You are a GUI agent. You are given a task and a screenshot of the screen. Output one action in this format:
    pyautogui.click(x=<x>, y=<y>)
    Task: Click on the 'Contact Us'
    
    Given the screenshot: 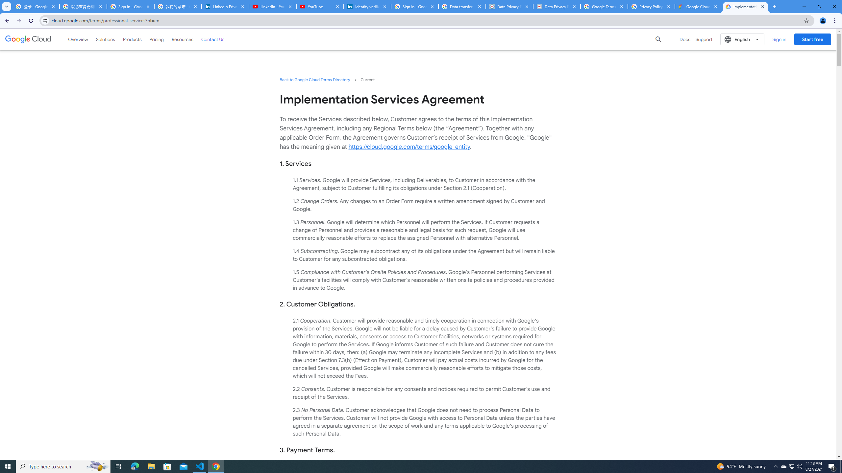 What is the action you would take?
    pyautogui.click(x=213, y=39)
    